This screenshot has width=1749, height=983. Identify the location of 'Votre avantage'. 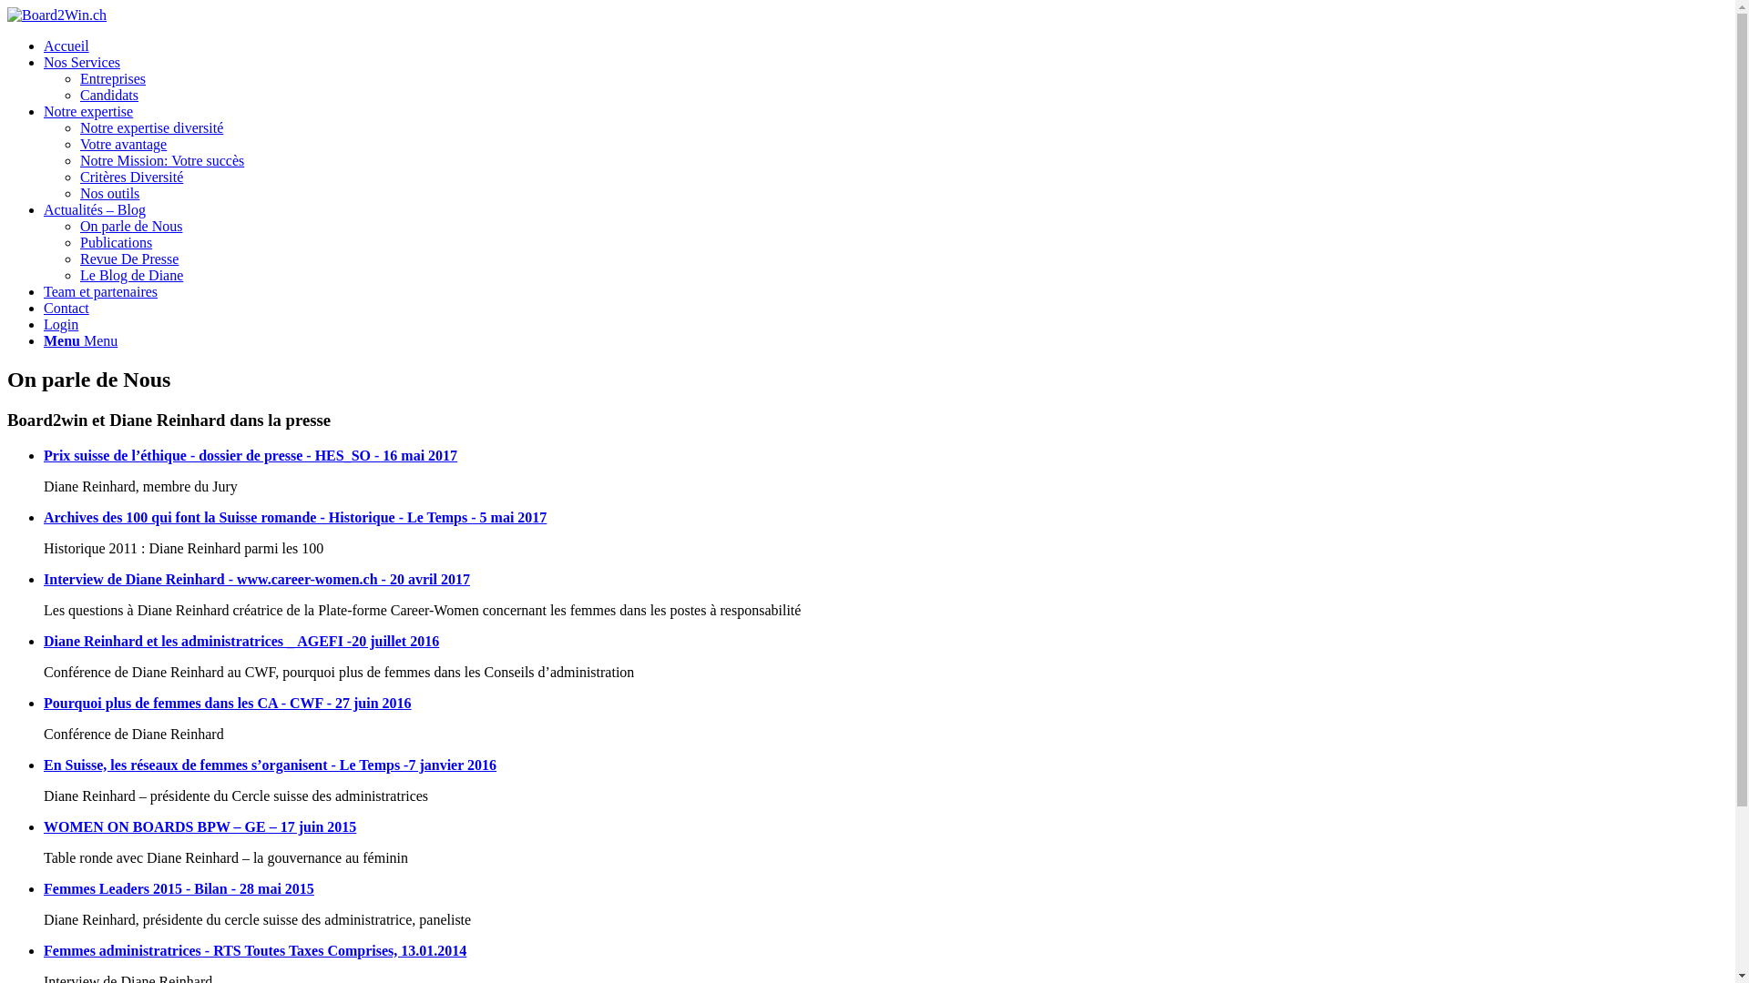
(122, 143).